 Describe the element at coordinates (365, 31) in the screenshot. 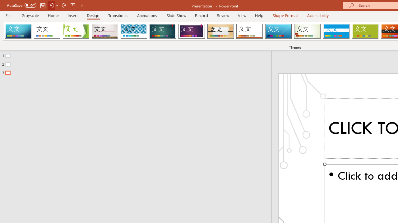

I see `'Basis'` at that location.